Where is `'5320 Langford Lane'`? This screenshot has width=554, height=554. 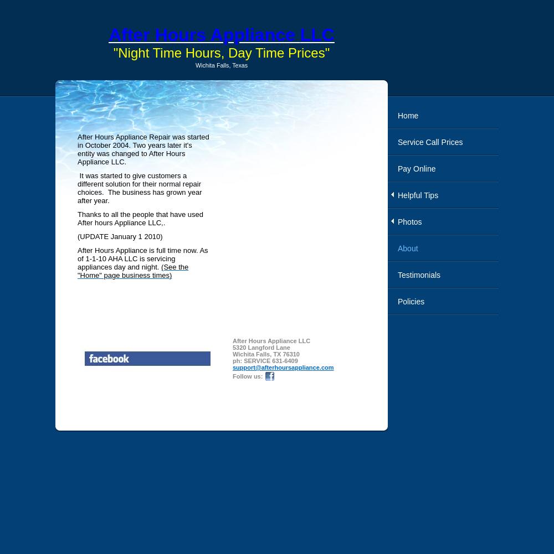
'5320 Langford Lane' is located at coordinates (260, 348).